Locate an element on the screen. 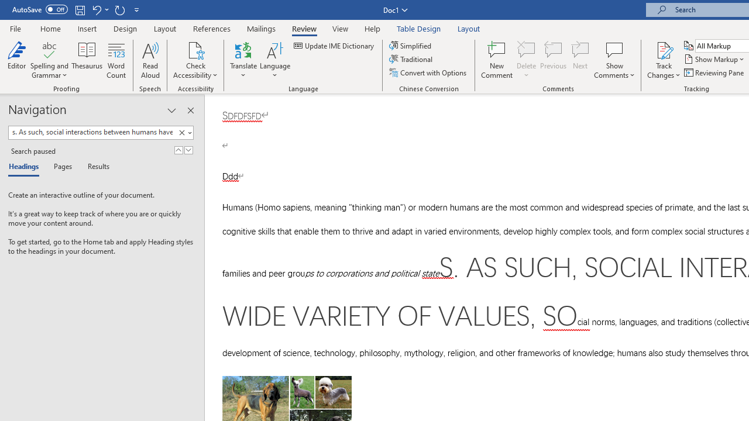 Image resolution: width=749 pixels, height=421 pixels. 'Undo Style' is located at coordinates (96, 9).